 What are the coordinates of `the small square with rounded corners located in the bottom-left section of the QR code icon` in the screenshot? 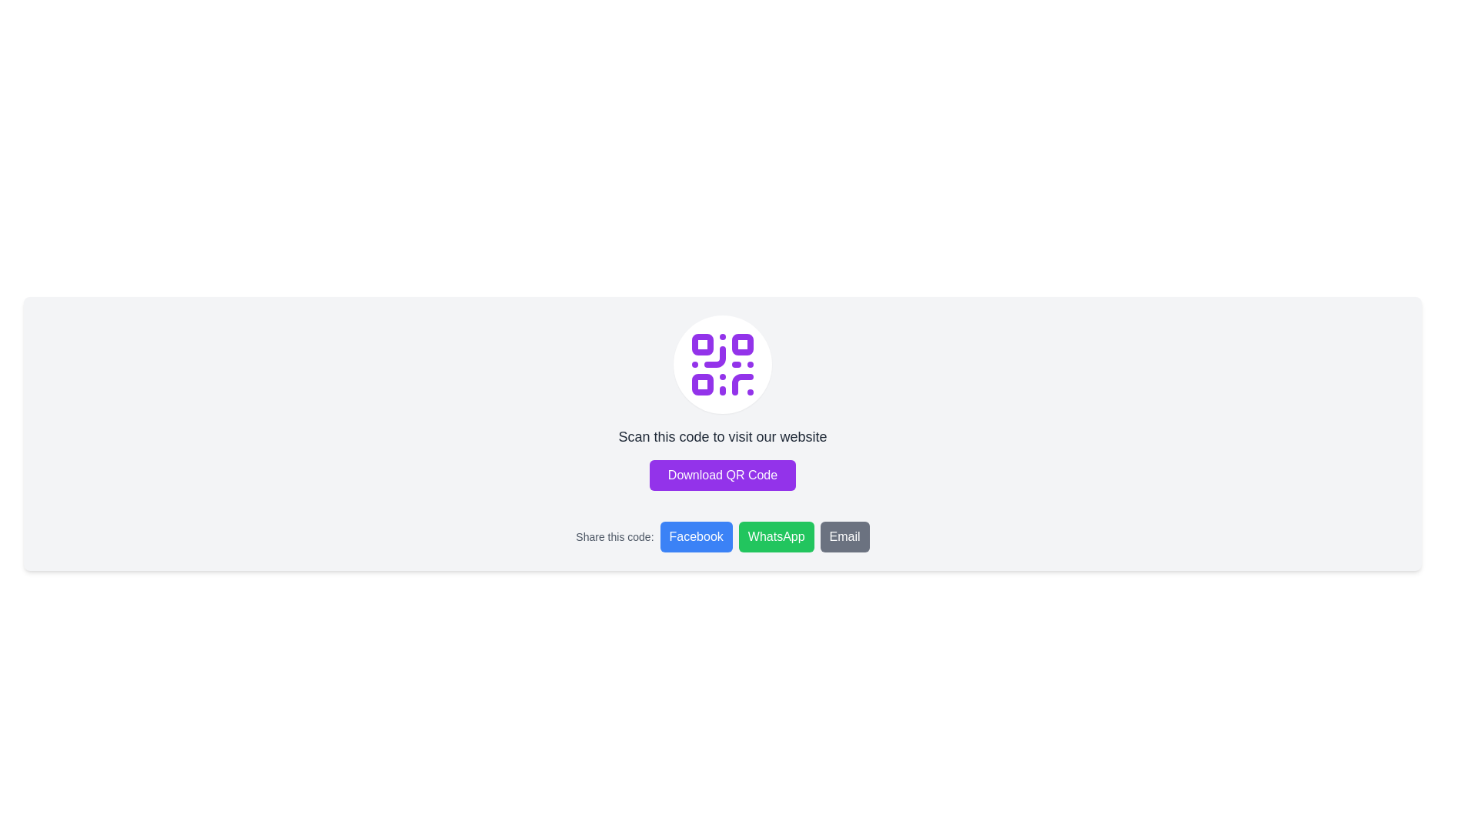 It's located at (701, 384).